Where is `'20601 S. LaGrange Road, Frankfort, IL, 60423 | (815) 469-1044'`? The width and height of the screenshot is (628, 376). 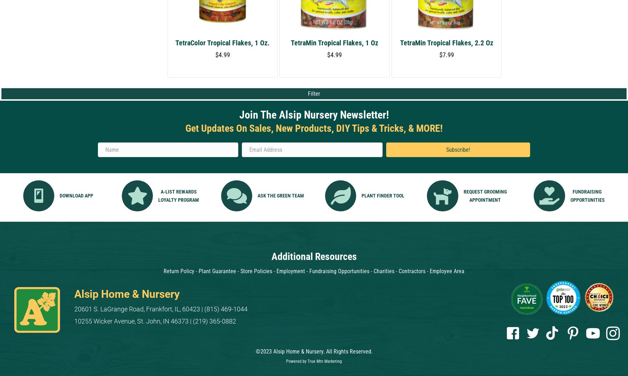 '20601 S. LaGrange Road, Frankfort, IL, 60423 | (815) 469-1044' is located at coordinates (160, 309).